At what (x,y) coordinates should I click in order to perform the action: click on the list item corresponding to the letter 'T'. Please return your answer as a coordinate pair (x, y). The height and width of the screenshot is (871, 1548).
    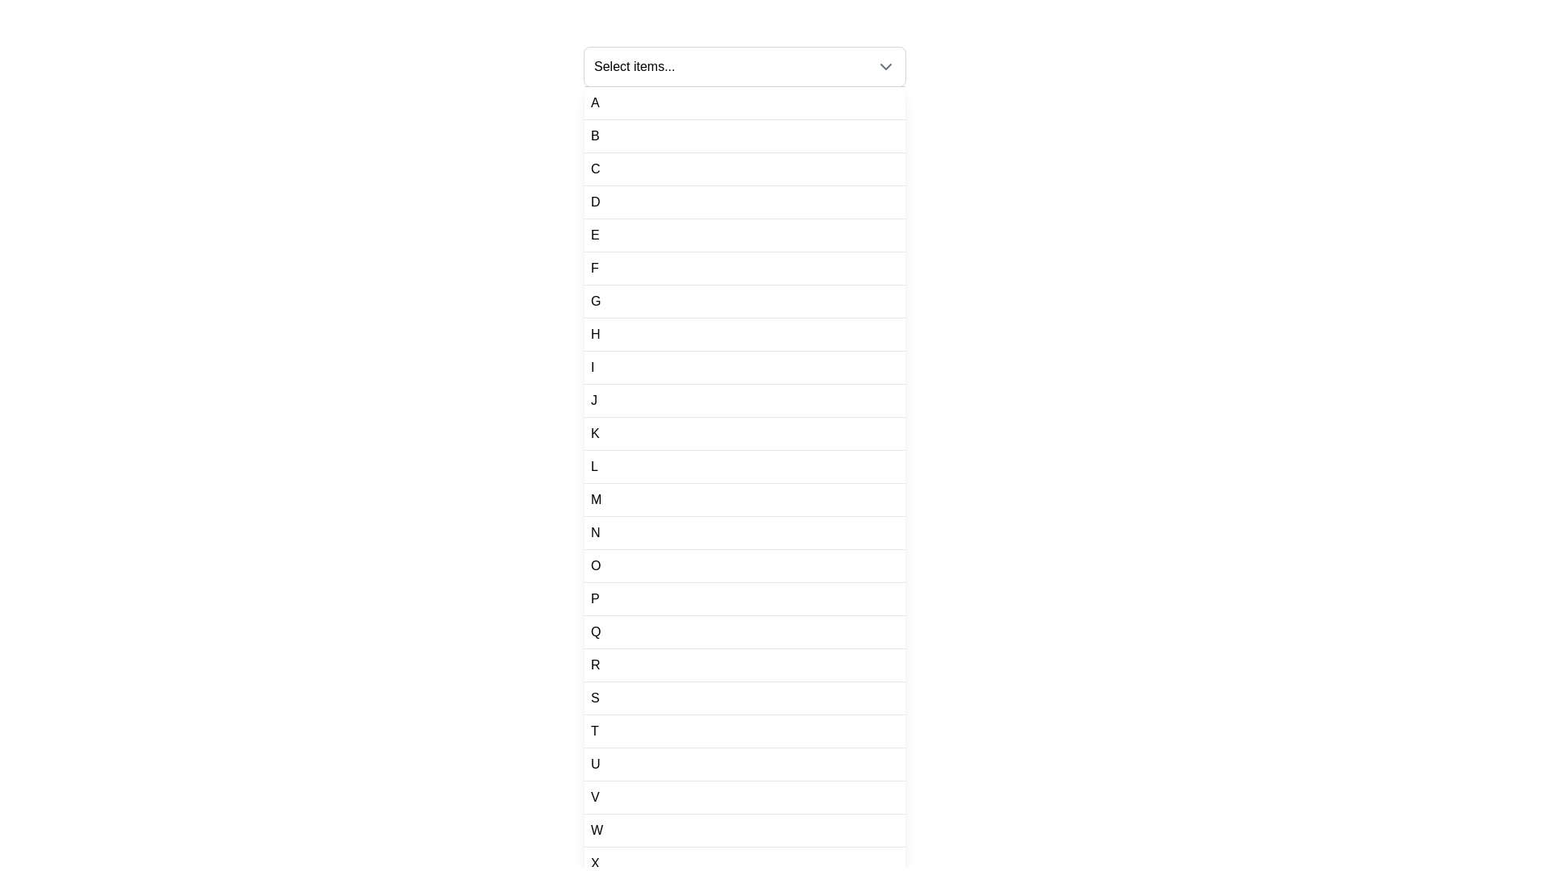
    Looking at the image, I should click on (593, 731).